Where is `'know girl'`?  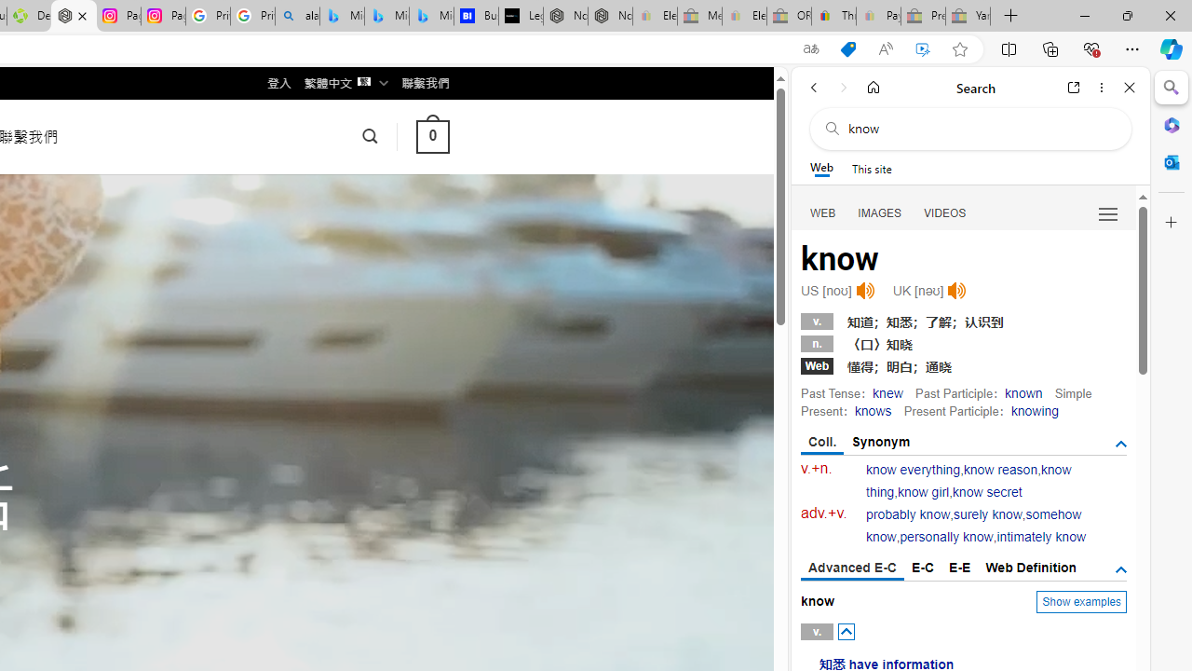 'know girl' is located at coordinates (923, 491).